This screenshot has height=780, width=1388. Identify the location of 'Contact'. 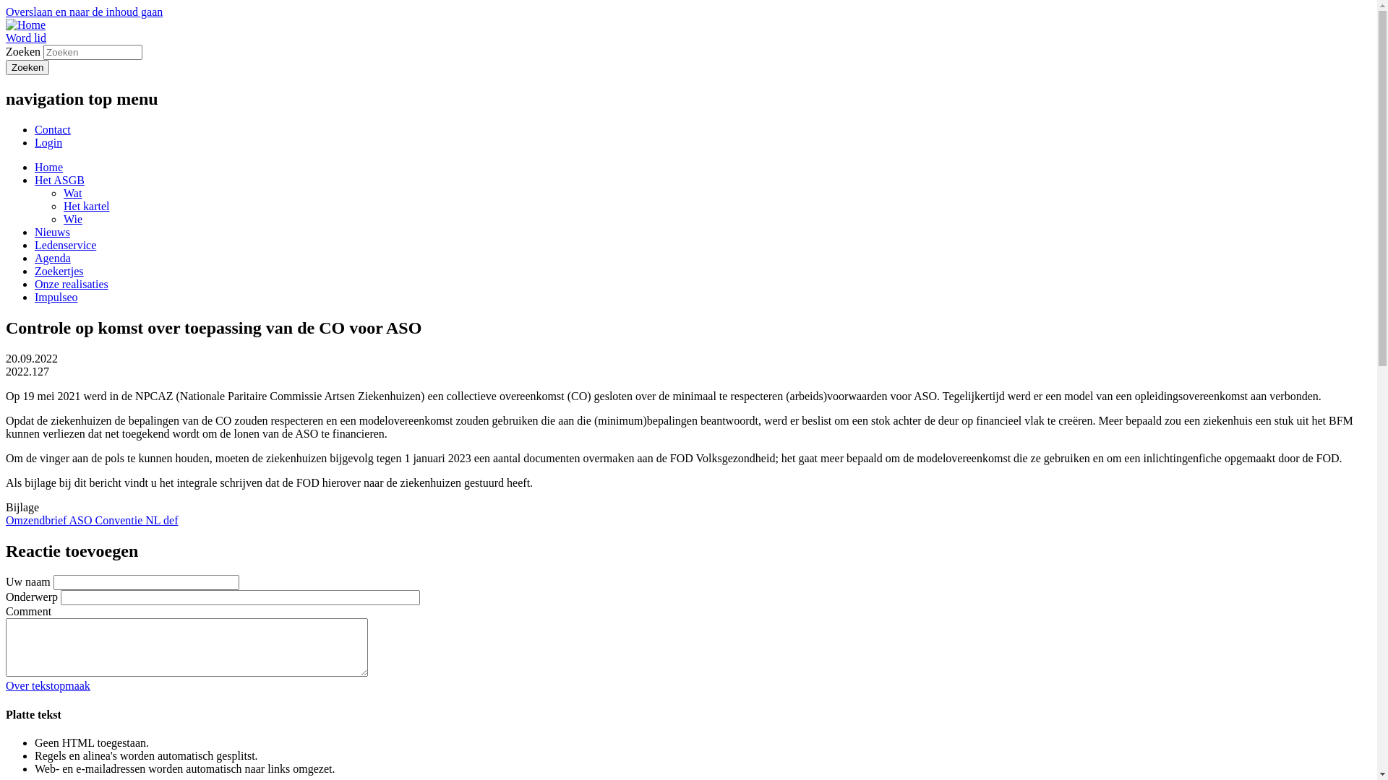
(52, 129).